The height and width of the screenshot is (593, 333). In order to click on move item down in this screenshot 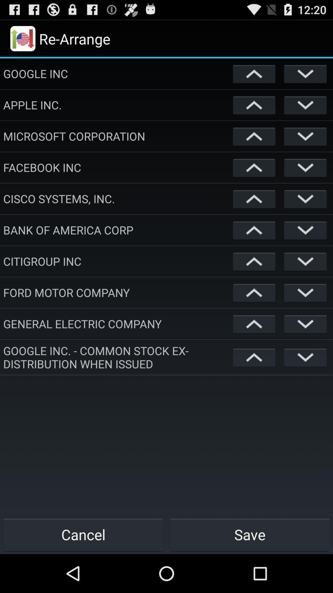, I will do `click(305, 292)`.